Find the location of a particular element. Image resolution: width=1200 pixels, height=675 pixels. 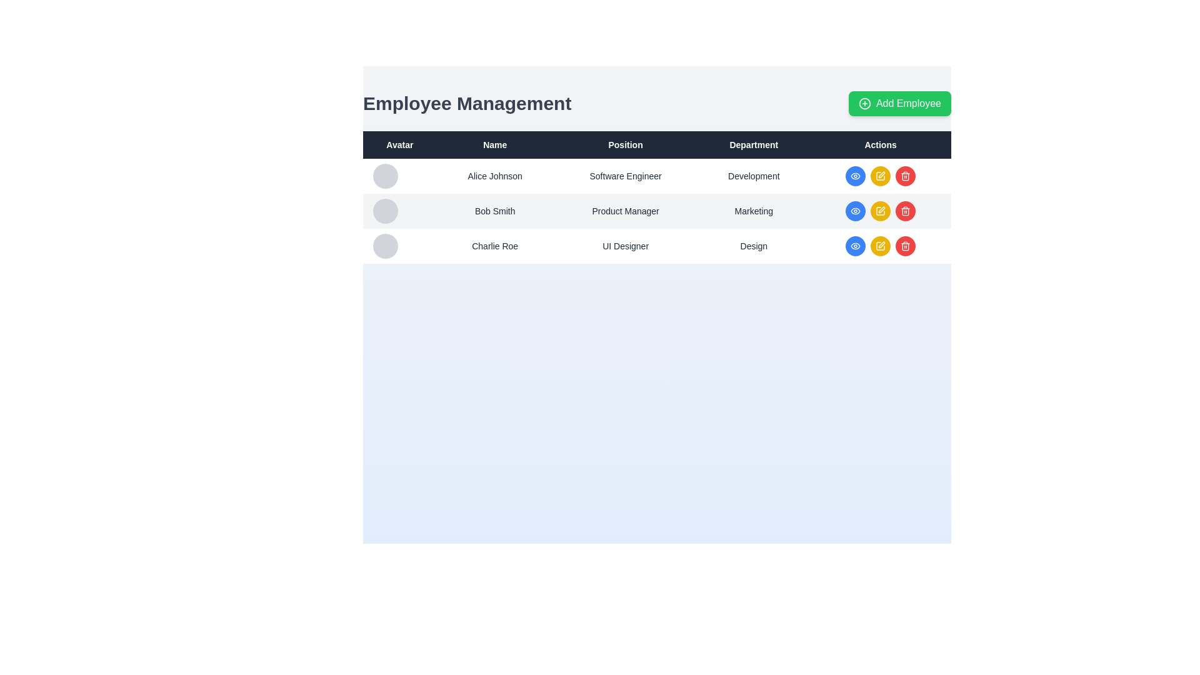

the text label displaying the job title of employee 'Alice Johnson' in the 'Position' column of the employee table is located at coordinates (626, 176).